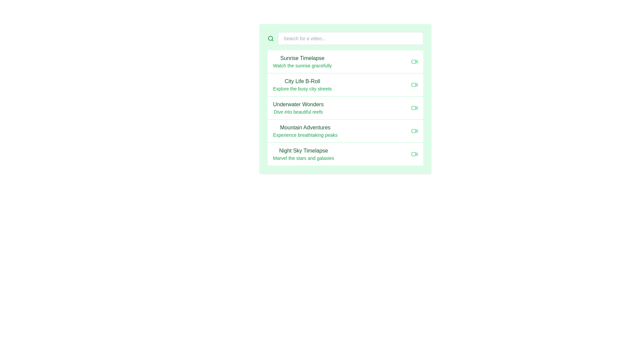 This screenshot has width=644, height=362. I want to click on the video indicator icon located at the far right end of the row containing the title 'Night Sky Timelapse' and the description 'Marvel the stars and galaxies.', so click(414, 154).